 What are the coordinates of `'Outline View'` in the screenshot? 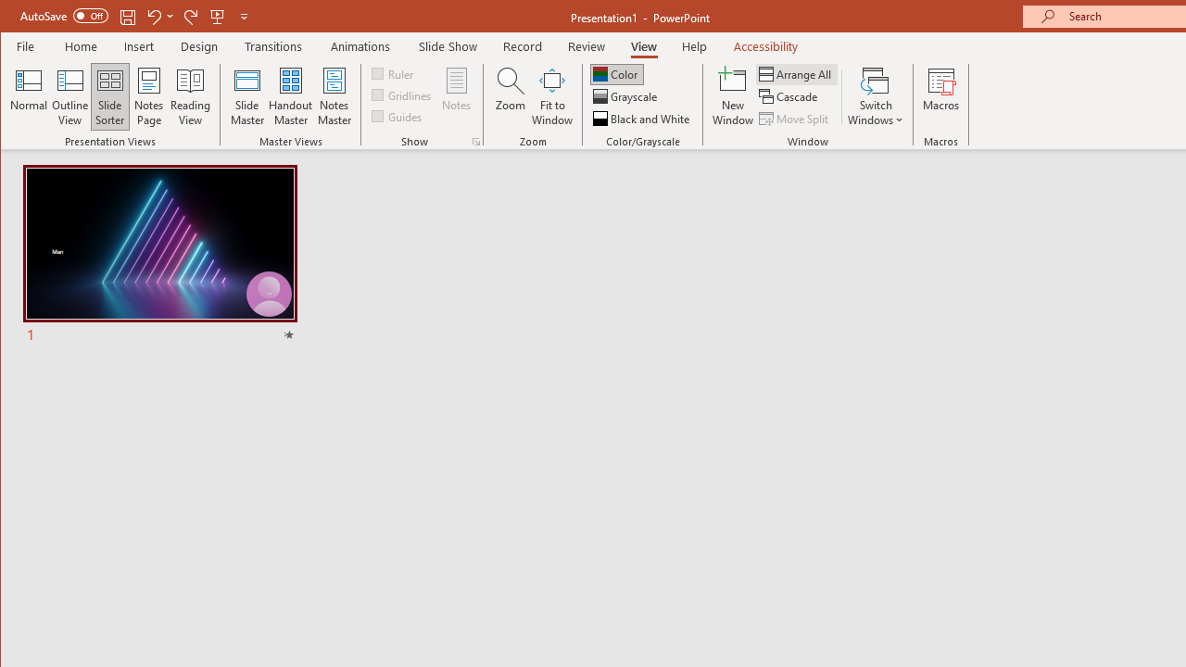 It's located at (70, 96).